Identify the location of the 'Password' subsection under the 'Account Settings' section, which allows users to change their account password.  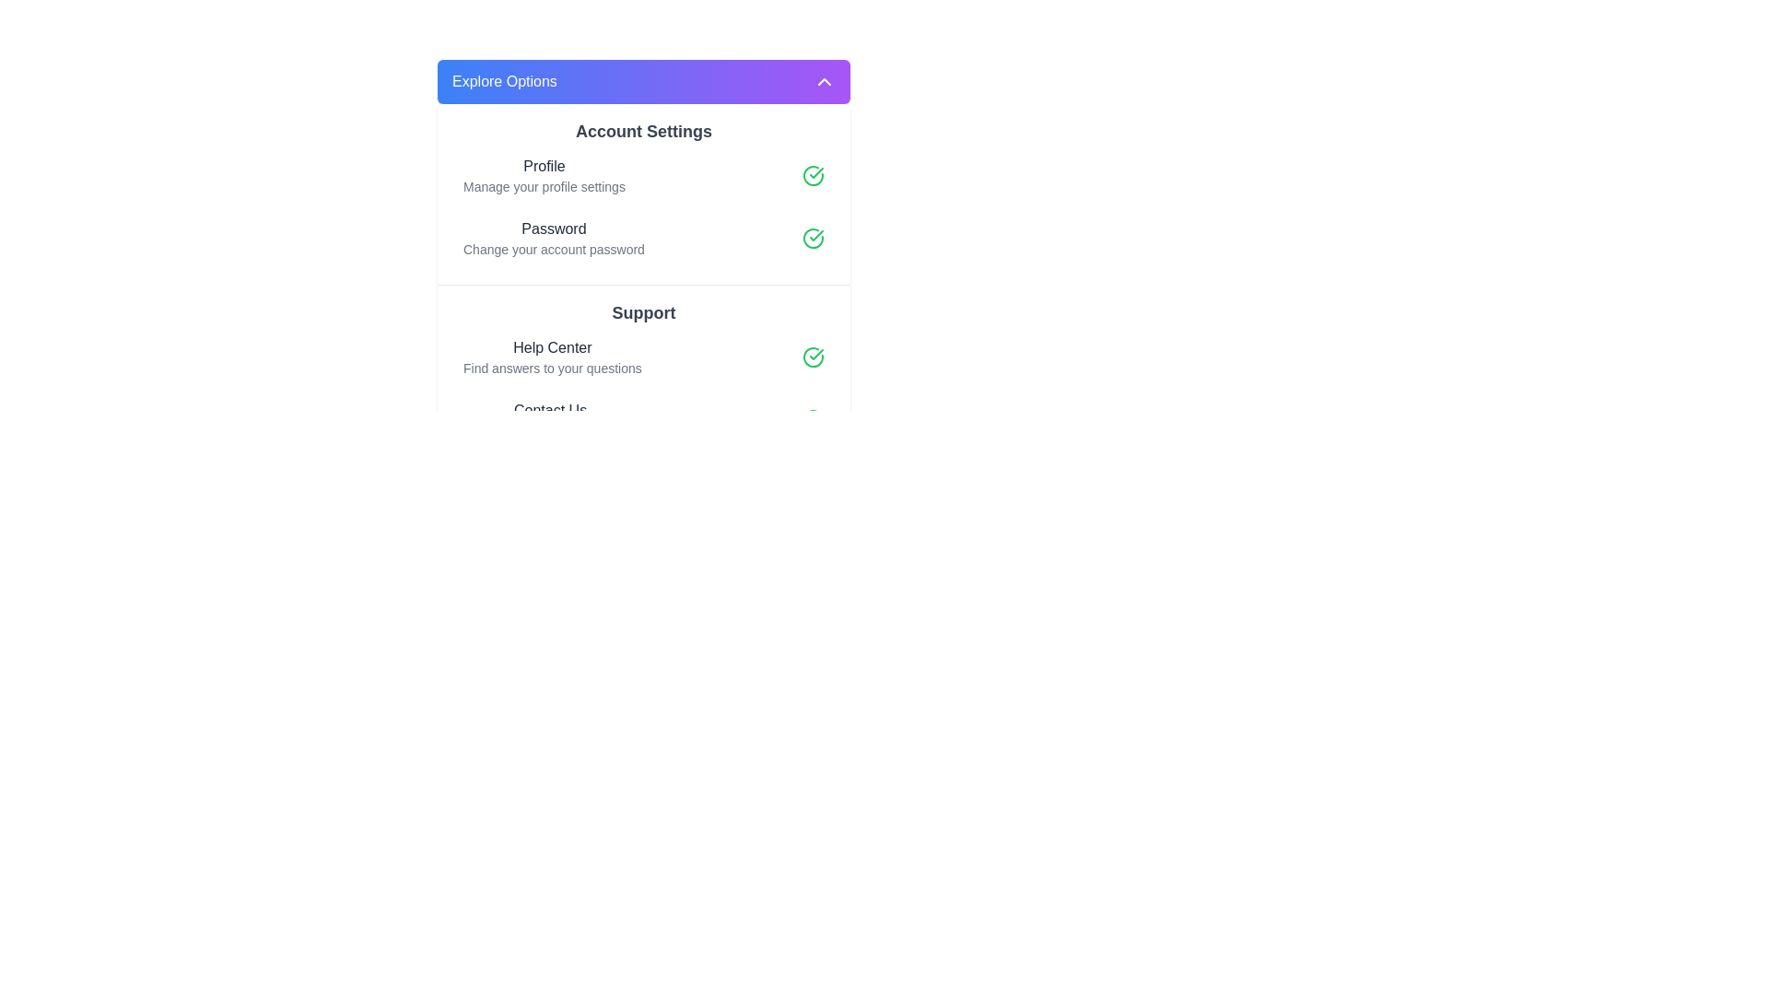
(644, 263).